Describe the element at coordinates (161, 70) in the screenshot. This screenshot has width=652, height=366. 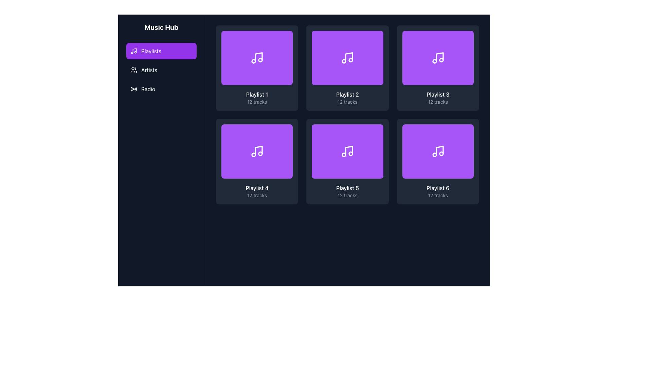
I see `the navigation button located in the sidebar, positioned below the 'Playlists' button and above the 'Radio' button` at that location.